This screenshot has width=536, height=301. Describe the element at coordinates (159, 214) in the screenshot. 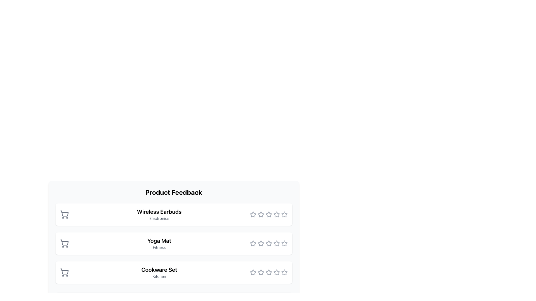

I see `the 'Wireless Earbuds' text label, which is the main descriptive text of the first item in the product list, by using nearby interactive elements for actions` at that location.